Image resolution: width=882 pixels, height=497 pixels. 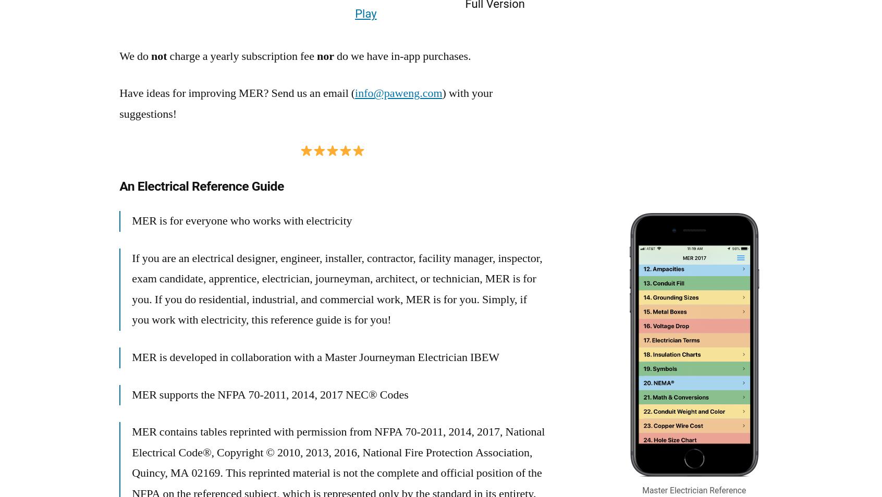 What do you see at coordinates (337, 288) in the screenshot?
I see `'If you are an electrical designer, engineer, installer, contractor, facility manager, inspector, exam candidate, apprentice, electrician, journeyman, architect, or technician, MER is for you. If you do residential, industrial, and commercial work, MER is for you. Simply, if you work with electricity, this reference guide is for you!'` at bounding box center [337, 288].